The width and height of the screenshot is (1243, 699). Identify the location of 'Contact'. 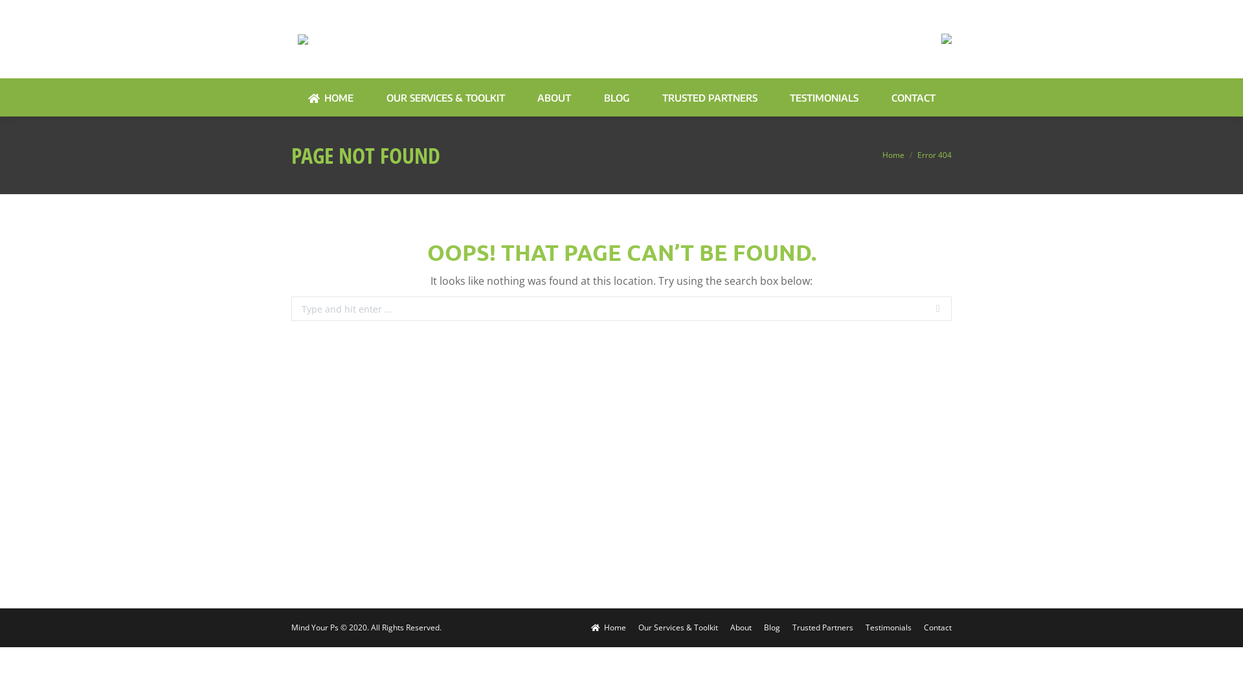
(937, 627).